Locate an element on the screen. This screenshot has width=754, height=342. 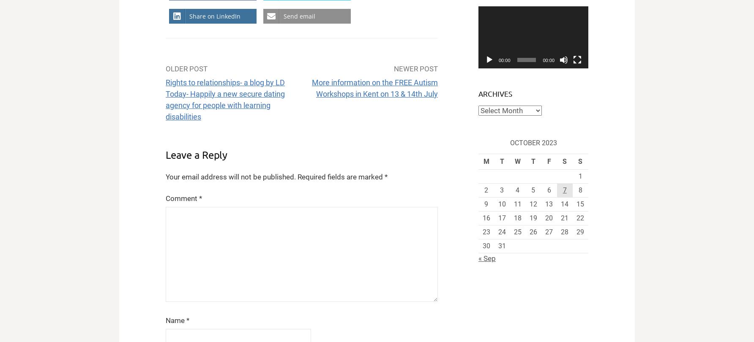
'15' is located at coordinates (580, 204).